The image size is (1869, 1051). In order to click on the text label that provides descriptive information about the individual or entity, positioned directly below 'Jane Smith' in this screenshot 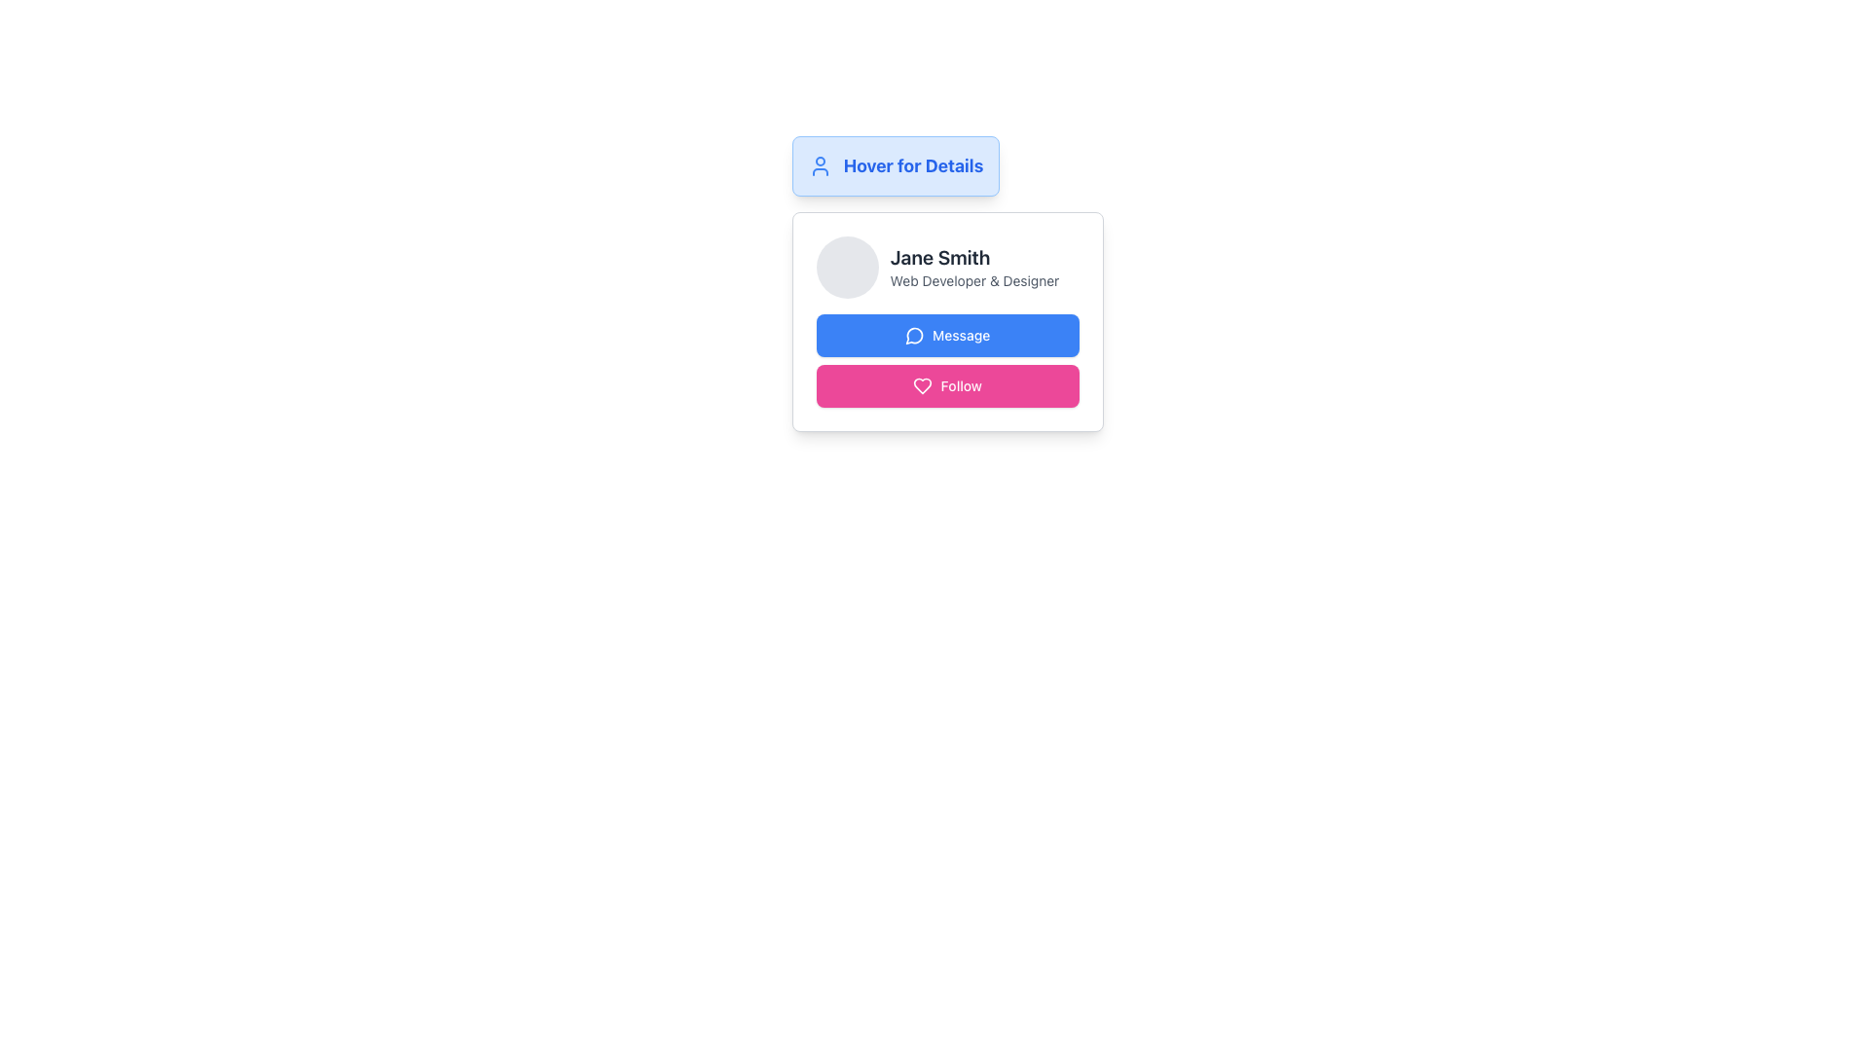, I will do `click(974, 281)`.